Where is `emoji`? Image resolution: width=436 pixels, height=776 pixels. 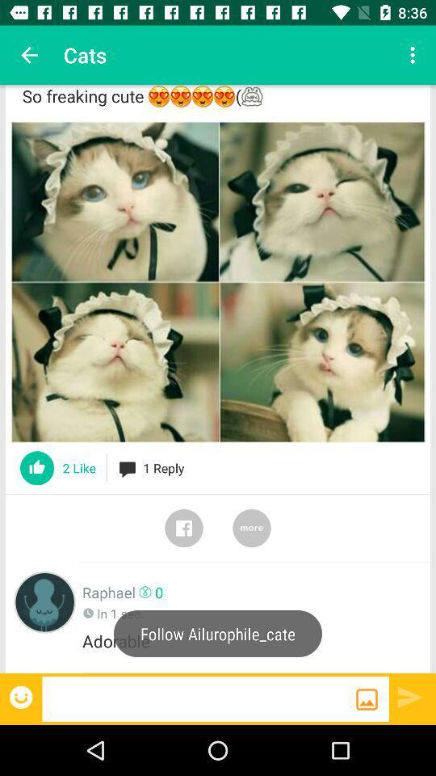
emoji is located at coordinates (22, 696).